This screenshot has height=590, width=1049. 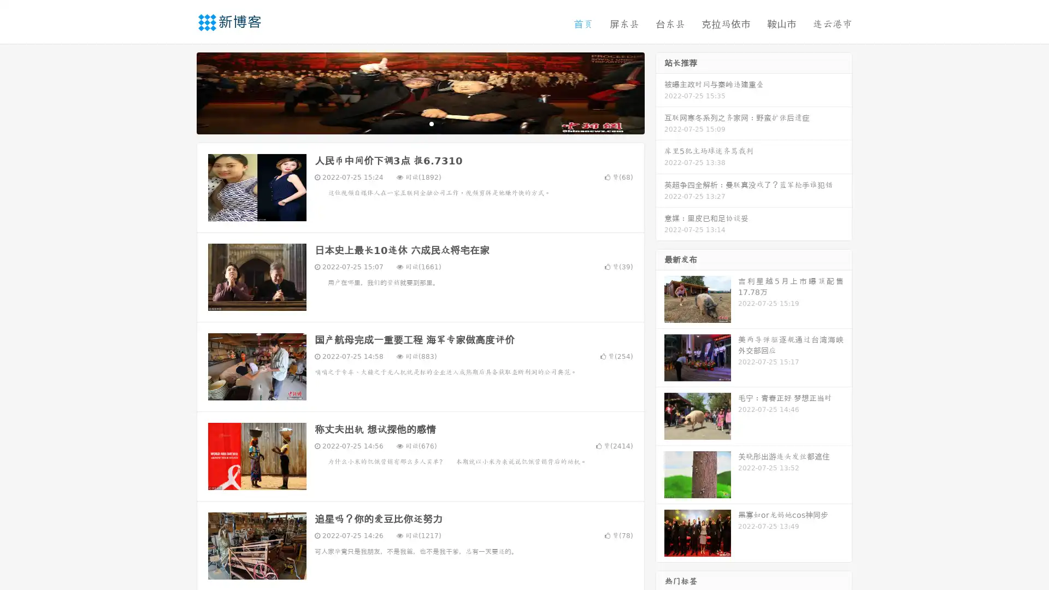 I want to click on Go to slide 1, so click(x=409, y=123).